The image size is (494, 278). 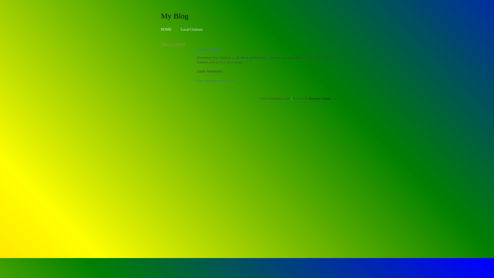 I want to click on 'https://thegenevatimes.news/', so click(x=216, y=81).